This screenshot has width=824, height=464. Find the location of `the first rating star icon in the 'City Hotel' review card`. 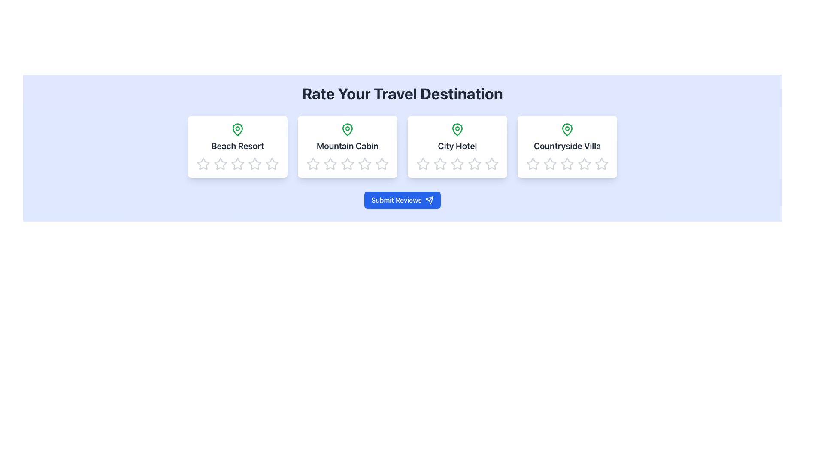

the first rating star icon in the 'City Hotel' review card is located at coordinates (457, 164).